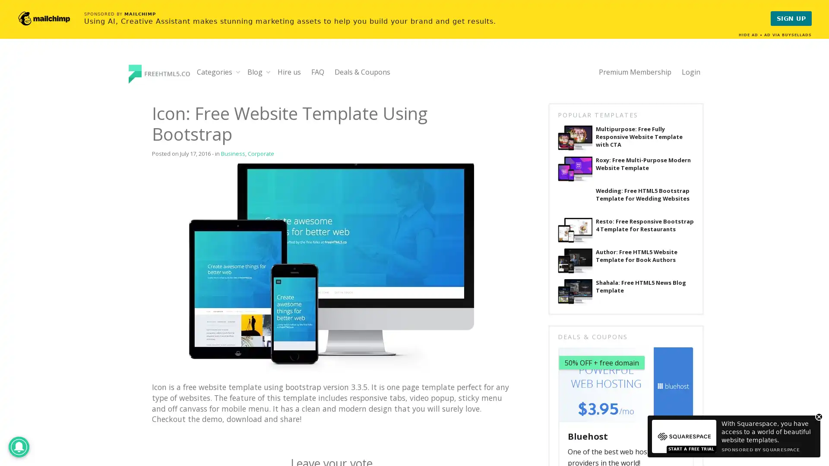 This screenshot has width=829, height=466. I want to click on Expand child menu, so click(268, 71).